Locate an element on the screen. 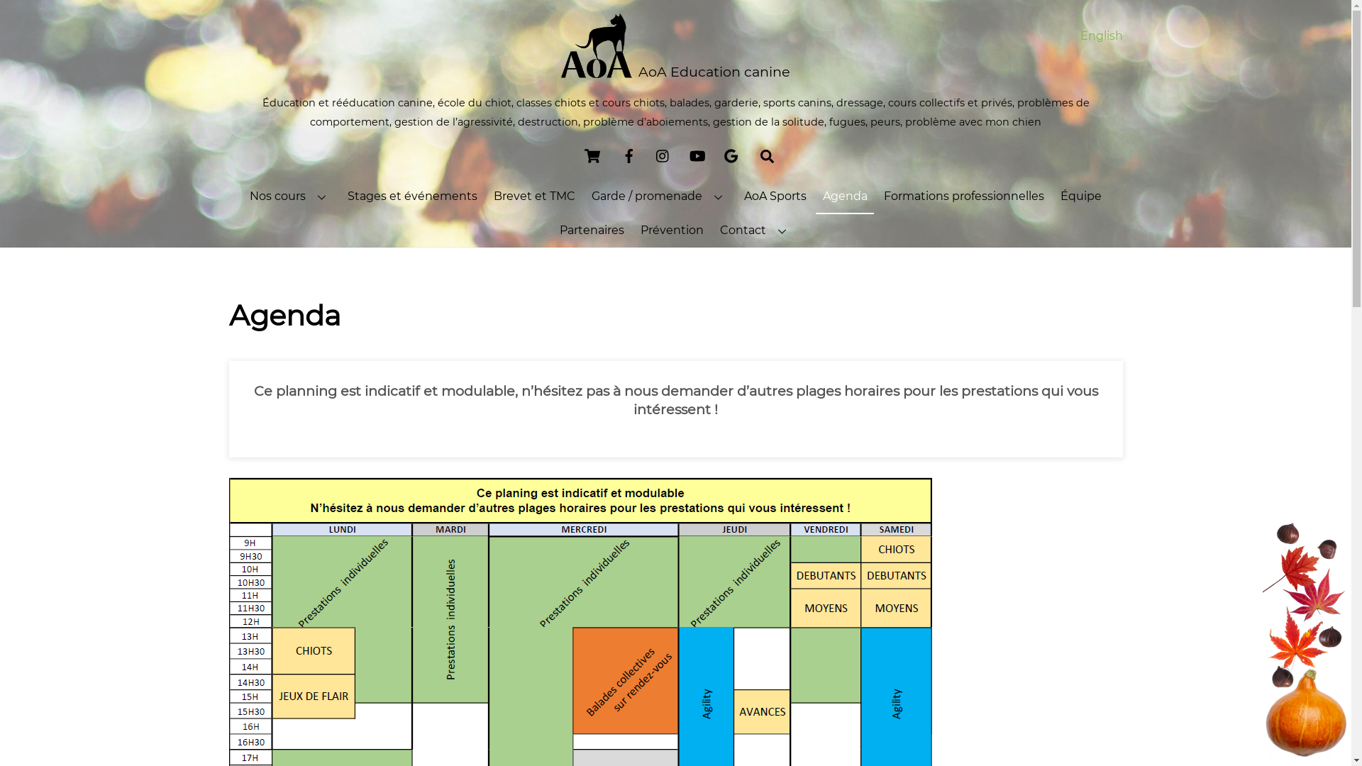  'Chercher' is located at coordinates (766, 155).